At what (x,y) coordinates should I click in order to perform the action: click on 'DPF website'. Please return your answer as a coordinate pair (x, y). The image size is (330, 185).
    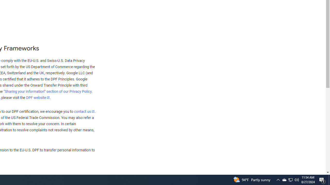
    Looking at the image, I should click on (38, 97).